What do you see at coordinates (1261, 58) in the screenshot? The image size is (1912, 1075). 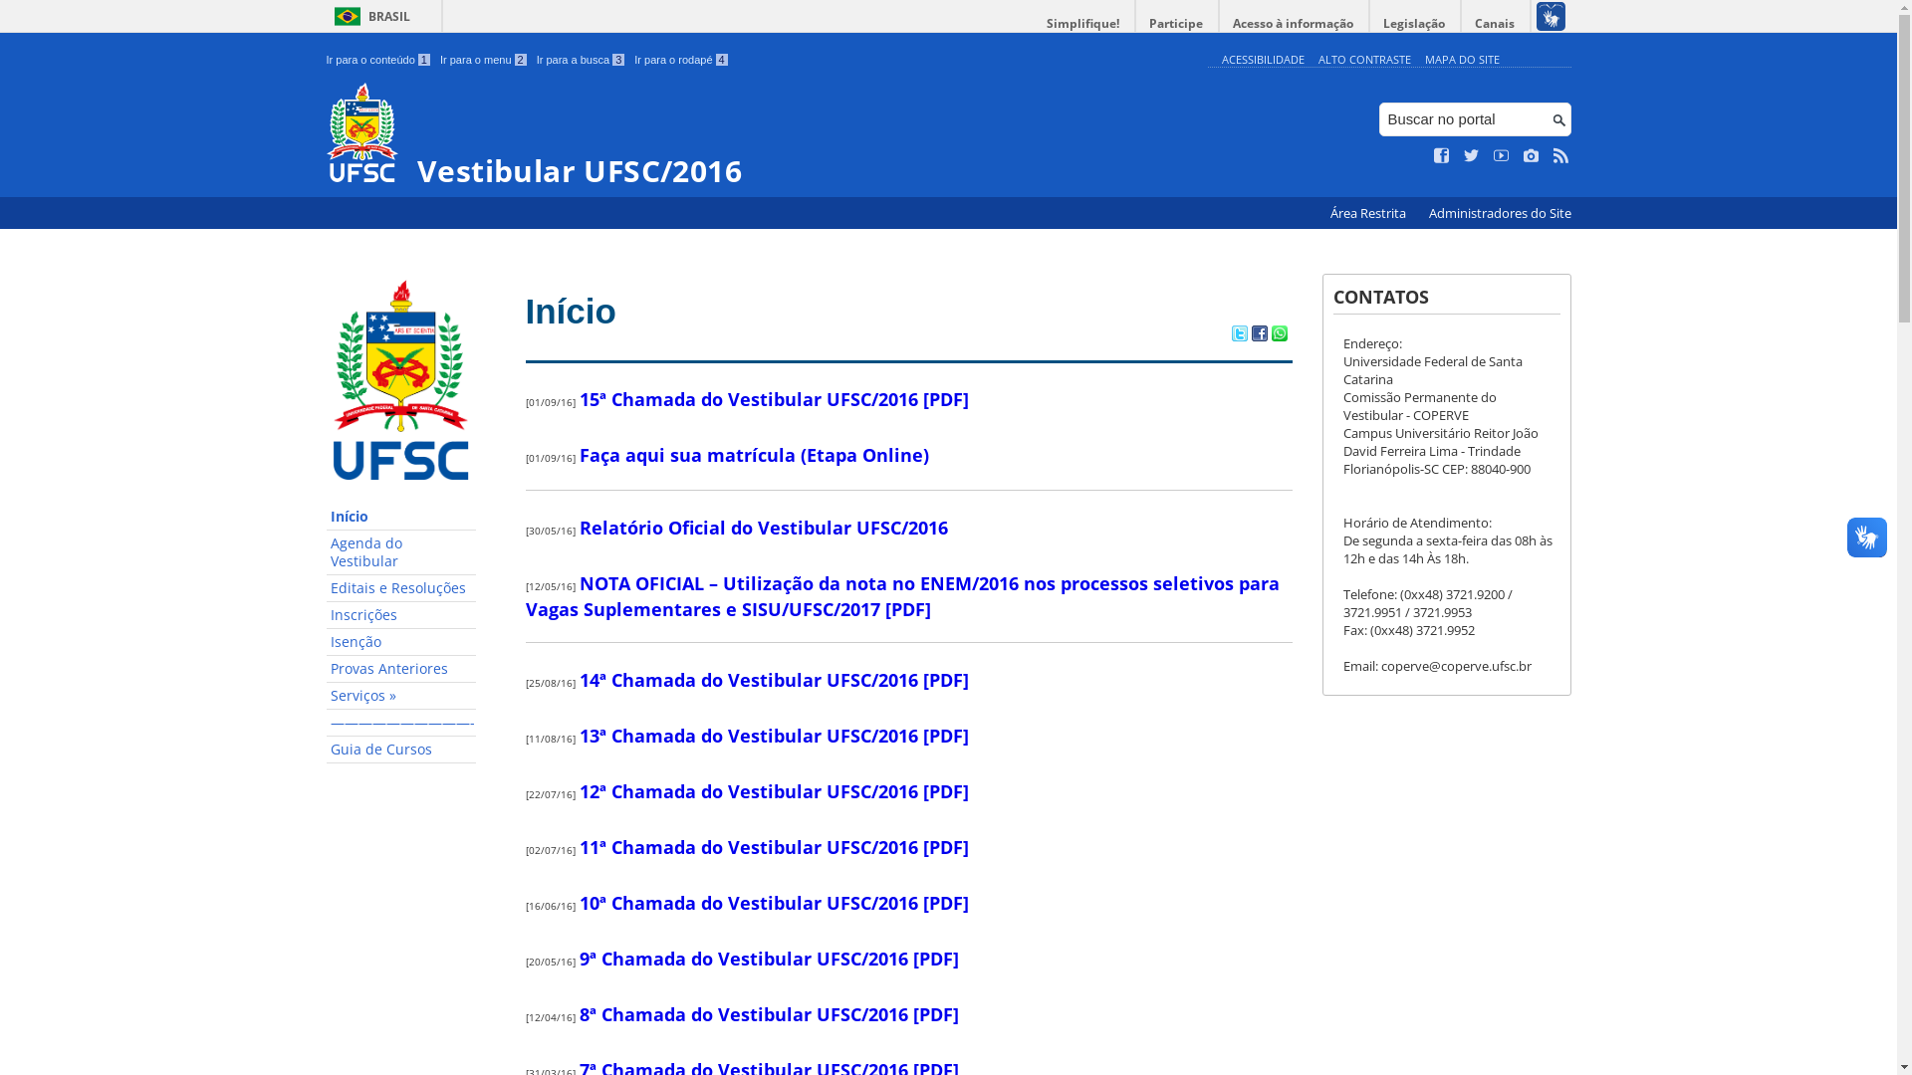 I see `'ACESSIBILIDADE'` at bounding box center [1261, 58].